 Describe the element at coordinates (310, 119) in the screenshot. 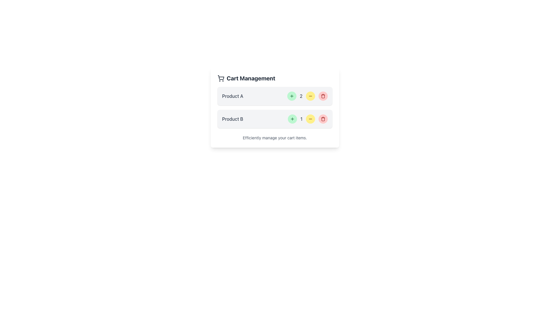

I see `the circular yellow button with a minus symbol located on the right side of the 'Product B' row to decrease the quantity of the product` at that location.